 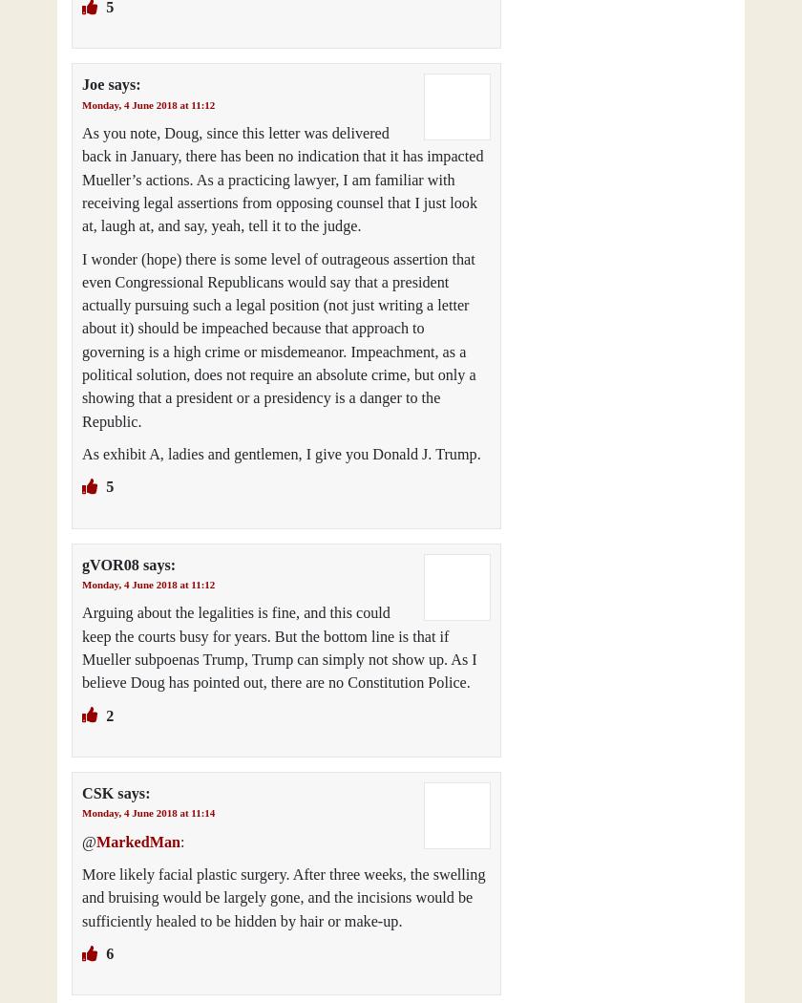 What do you see at coordinates (82, 813) in the screenshot?
I see `'Monday, 4 June 2018 at 11:14'` at bounding box center [82, 813].